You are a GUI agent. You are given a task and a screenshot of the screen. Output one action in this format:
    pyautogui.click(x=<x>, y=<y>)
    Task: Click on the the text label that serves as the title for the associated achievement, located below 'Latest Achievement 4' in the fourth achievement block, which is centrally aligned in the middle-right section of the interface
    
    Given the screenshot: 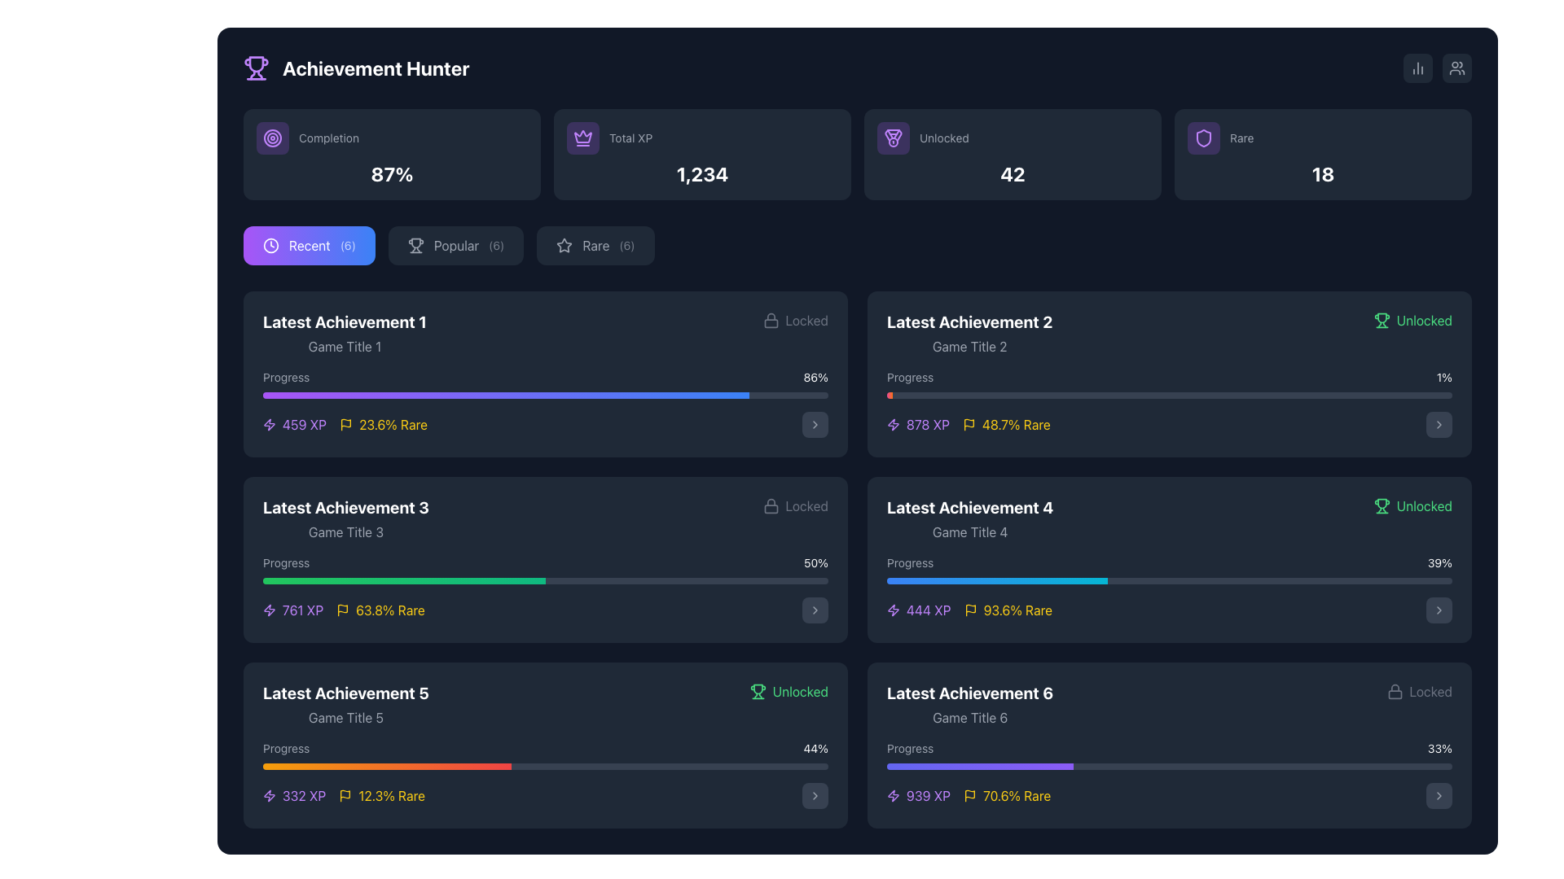 What is the action you would take?
    pyautogui.click(x=970, y=532)
    